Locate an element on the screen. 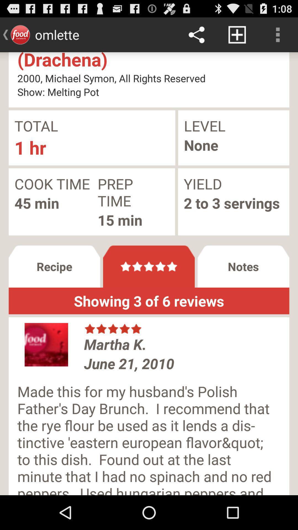  the notes button is located at coordinates (243, 266).